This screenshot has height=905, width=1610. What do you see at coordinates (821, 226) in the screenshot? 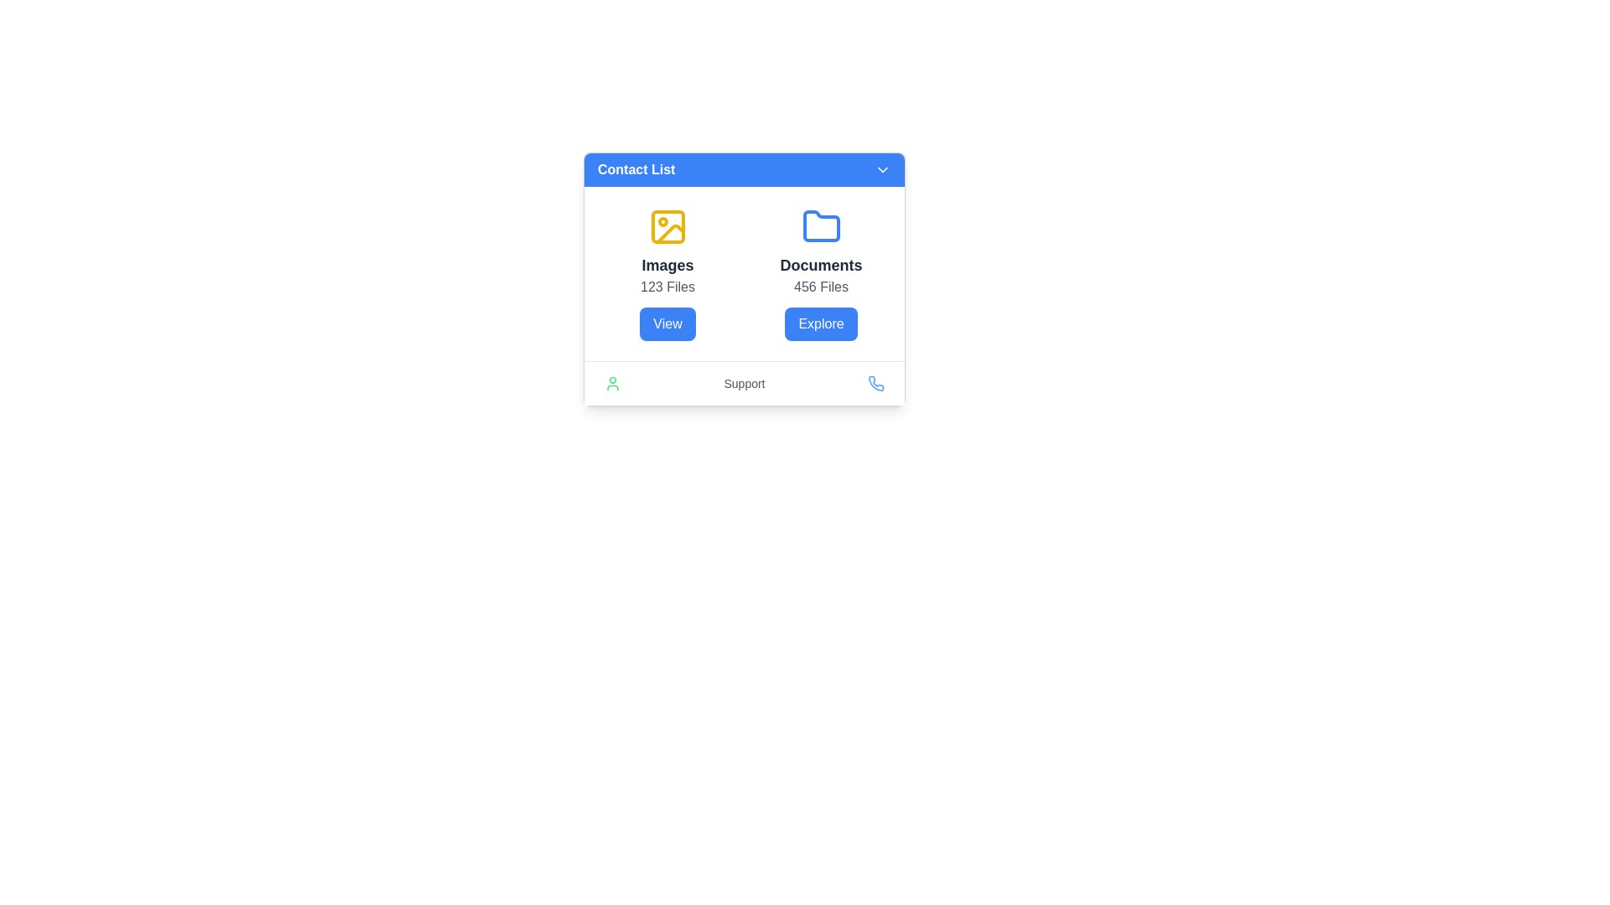
I see `the stylized folder icon with the light blue color, located in the 'Documents' section above the text '456 Files' and near the 'Explore' button` at bounding box center [821, 226].